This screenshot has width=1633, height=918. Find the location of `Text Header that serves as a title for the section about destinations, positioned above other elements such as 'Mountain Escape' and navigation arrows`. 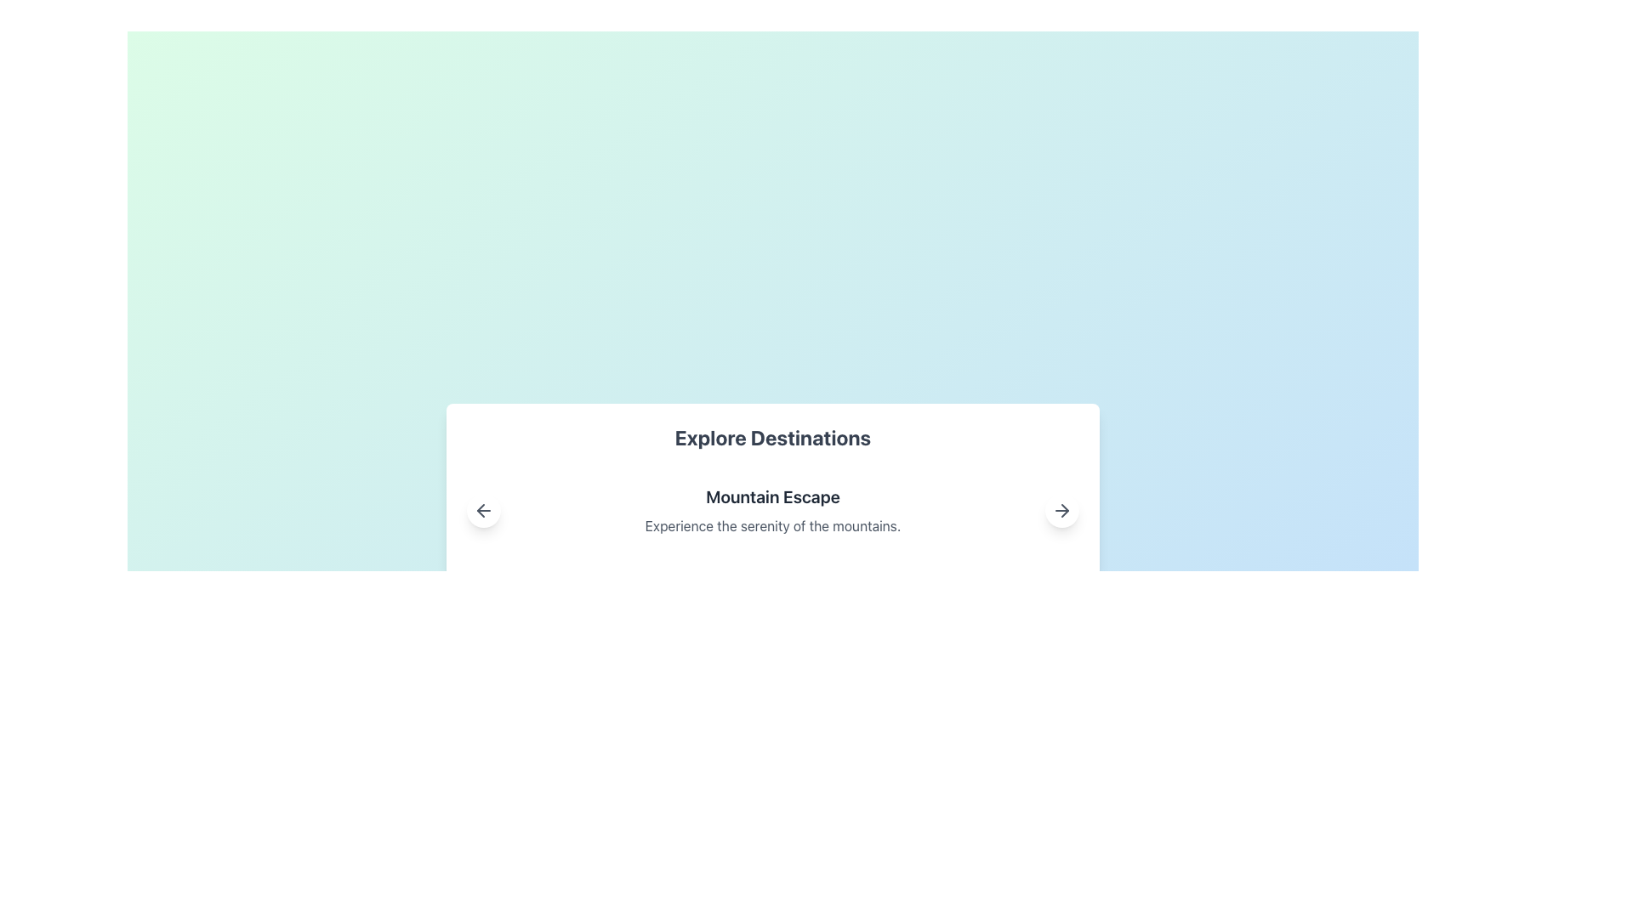

Text Header that serves as a title for the section about destinations, positioned above other elements such as 'Mountain Escape' and navigation arrows is located at coordinates (771, 437).